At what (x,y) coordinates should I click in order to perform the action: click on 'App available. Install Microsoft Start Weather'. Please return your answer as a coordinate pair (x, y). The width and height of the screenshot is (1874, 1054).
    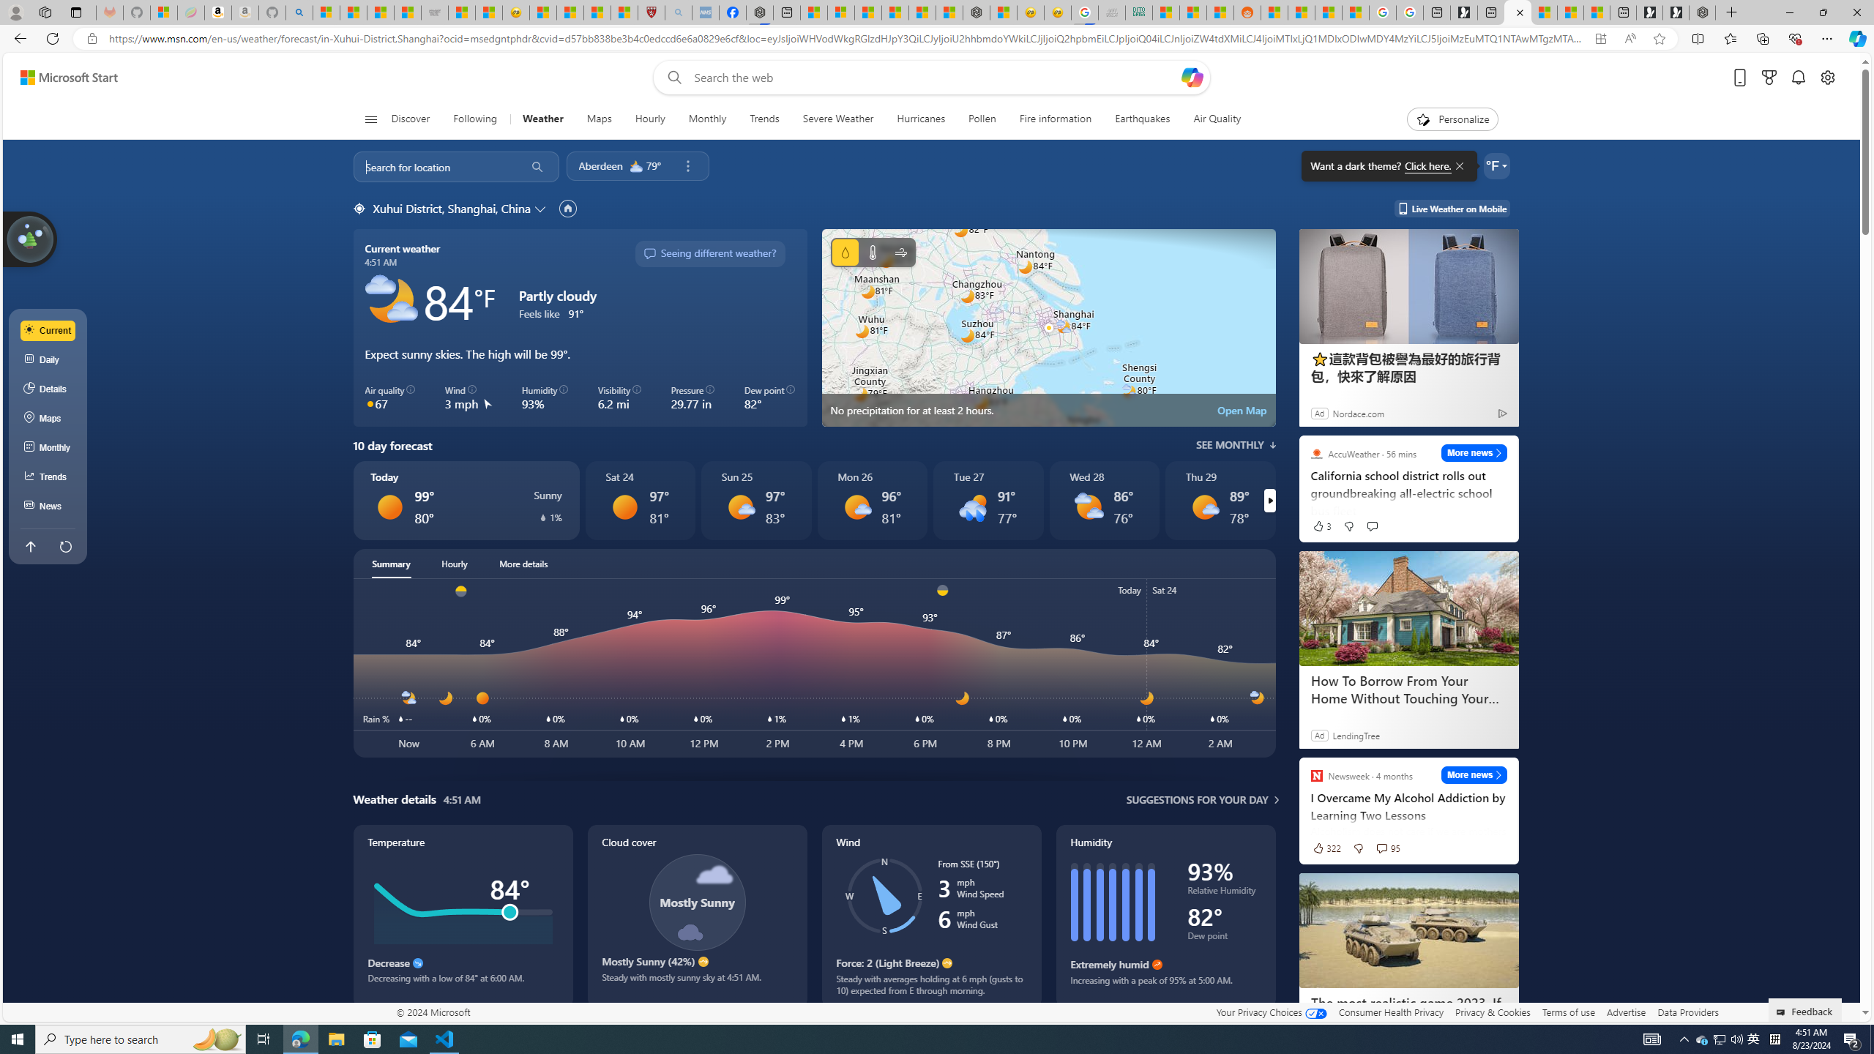
    Looking at the image, I should click on (1599, 39).